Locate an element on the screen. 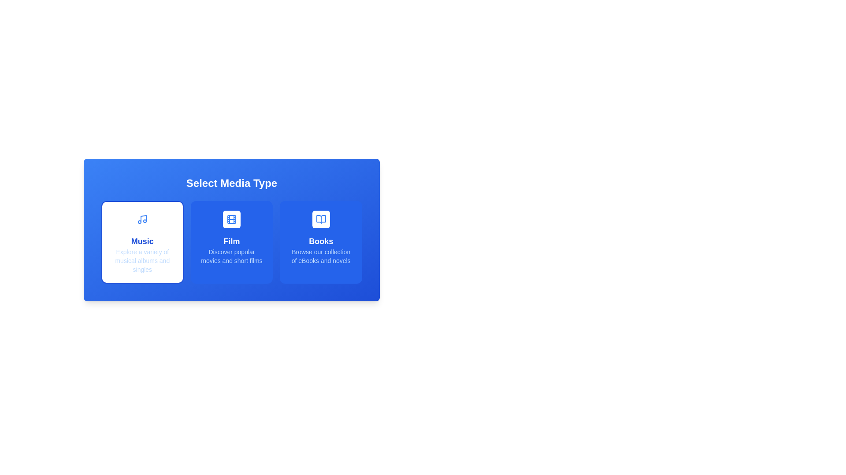 The height and width of the screenshot is (475, 846). the open book icon with a blue outline located in the lower right quadrant of the interface is located at coordinates (320, 219).